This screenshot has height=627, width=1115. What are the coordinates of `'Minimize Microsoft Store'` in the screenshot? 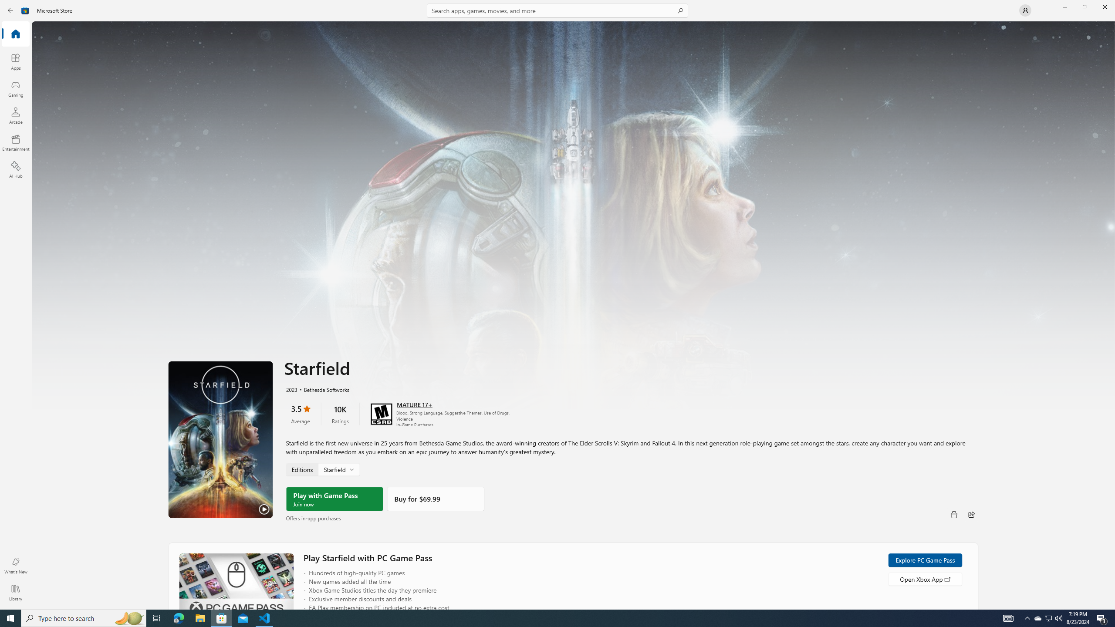 It's located at (1064, 7).